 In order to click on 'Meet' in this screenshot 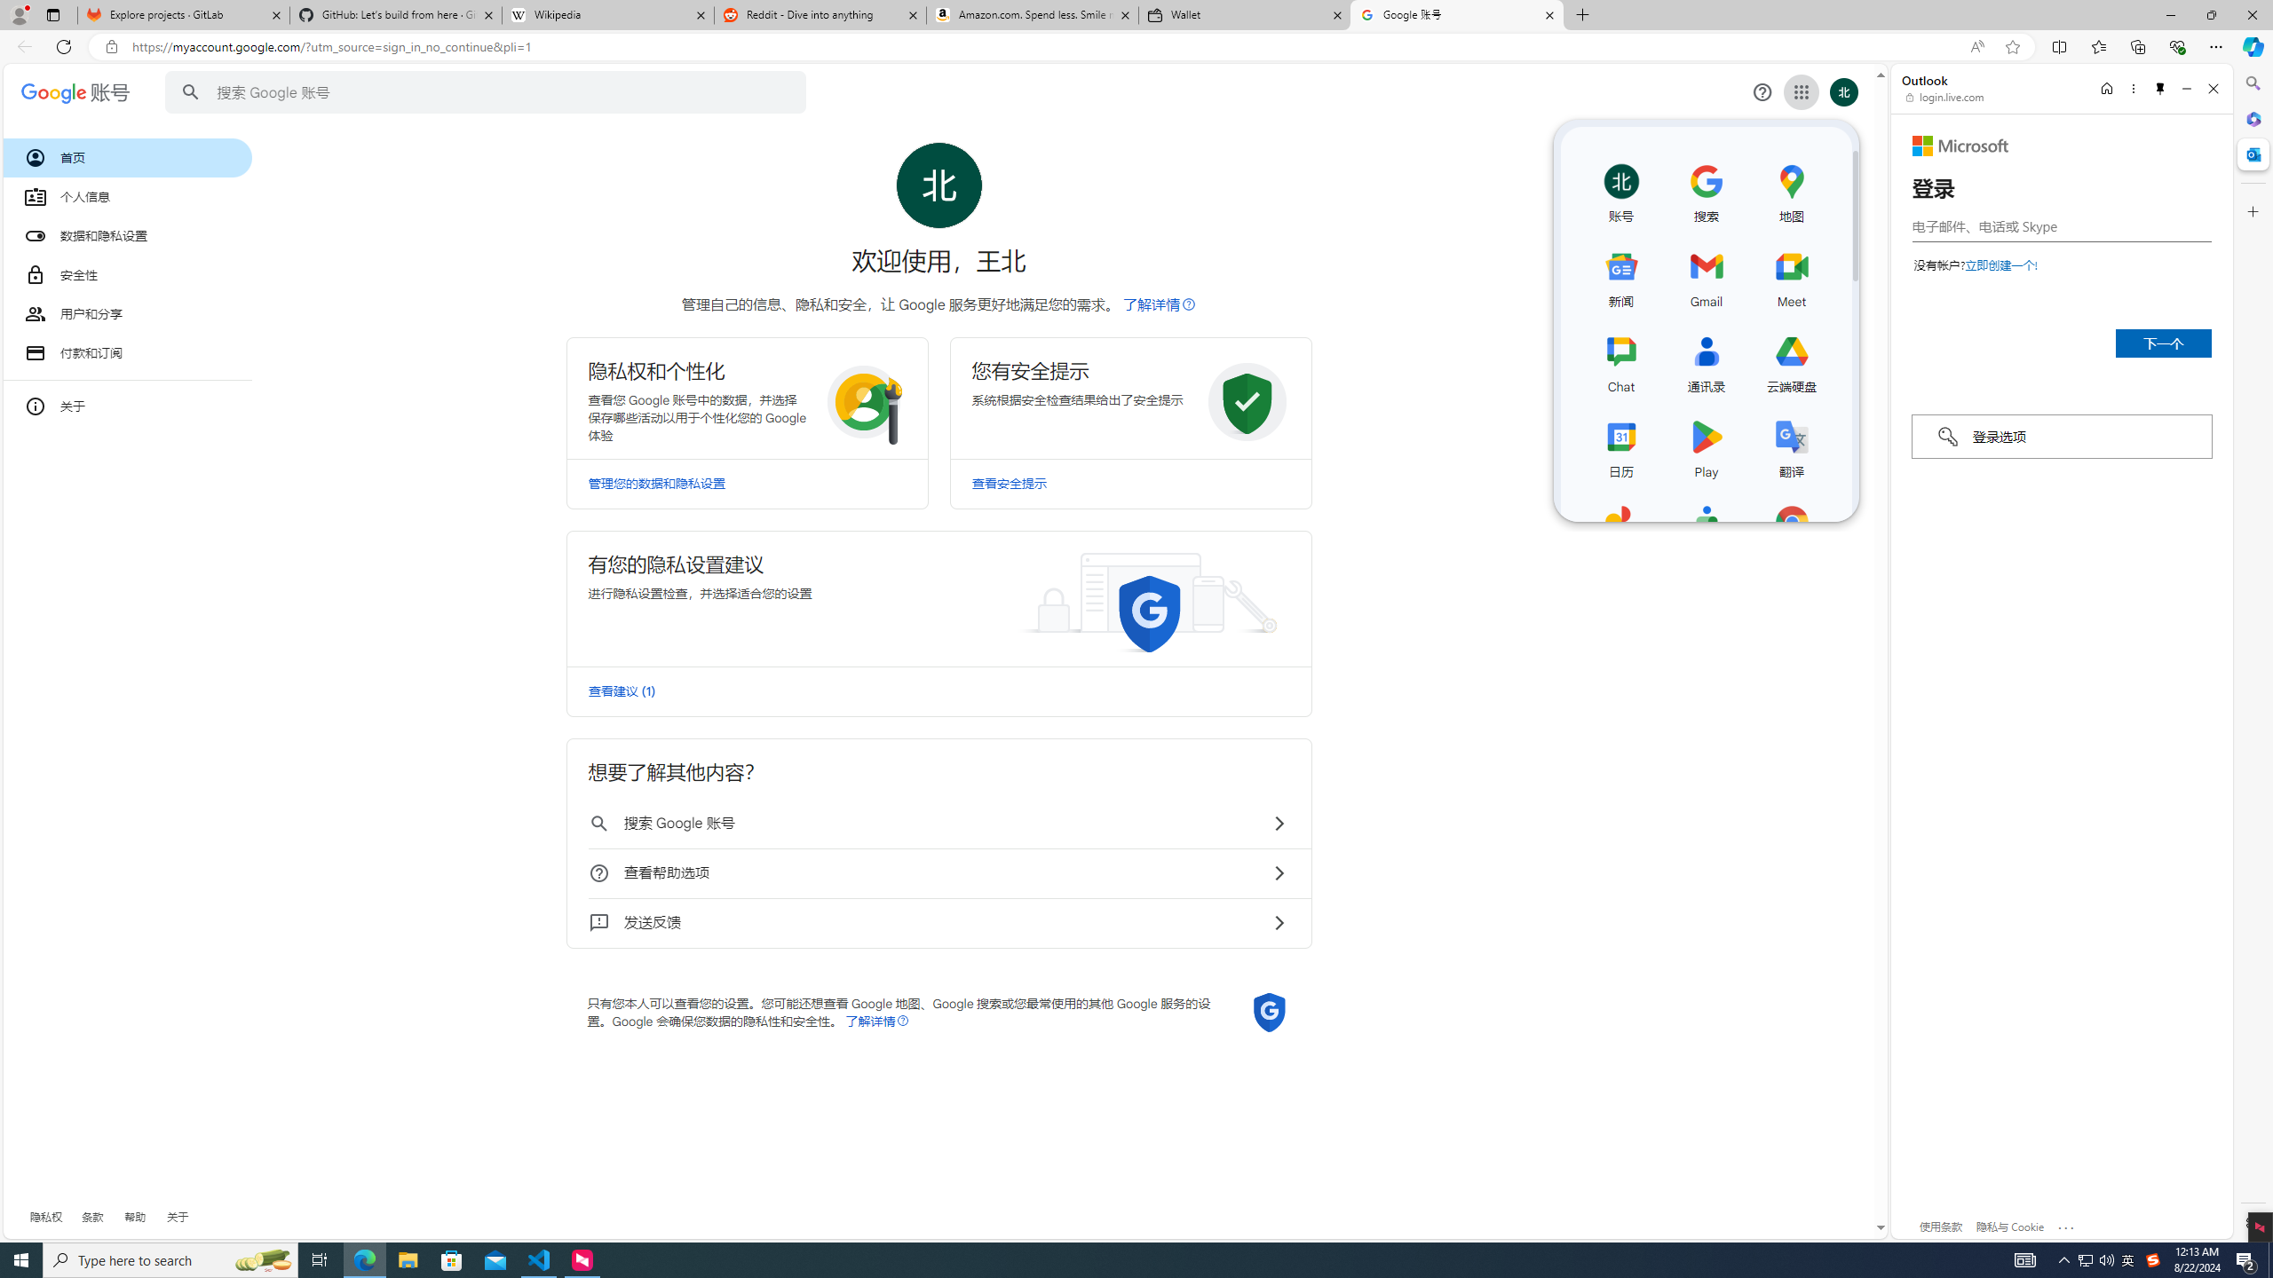, I will do `click(1791, 275)`.